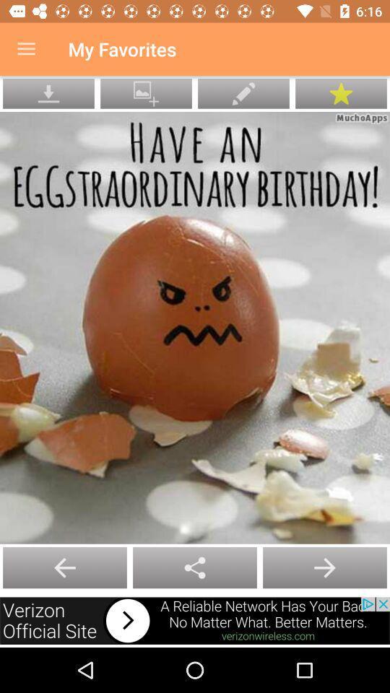 The image size is (390, 693). Describe the element at coordinates (324, 567) in the screenshot. I see `the add icon` at that location.